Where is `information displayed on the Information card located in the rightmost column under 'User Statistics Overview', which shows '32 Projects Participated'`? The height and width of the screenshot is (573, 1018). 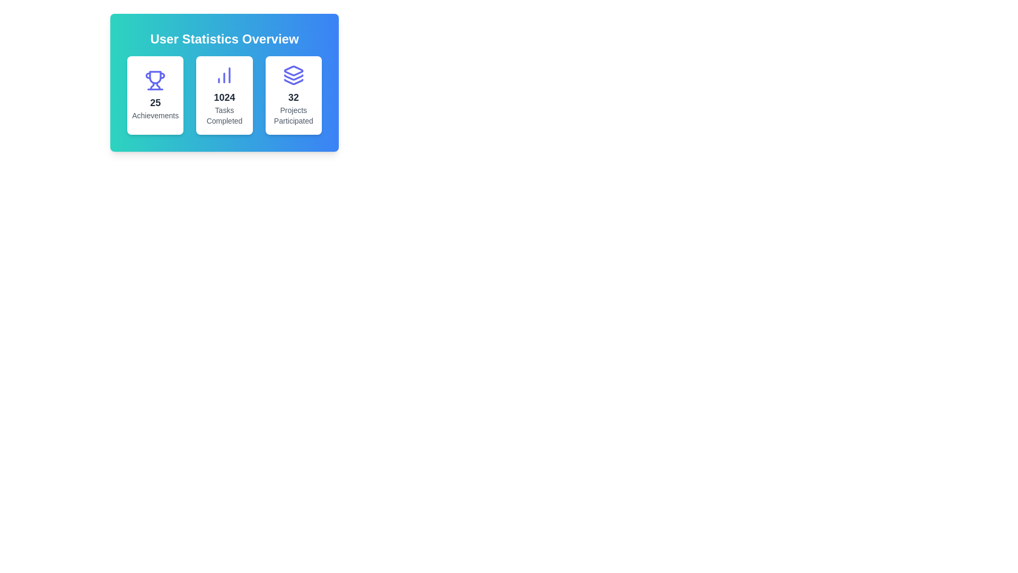 information displayed on the Information card located in the rightmost column under 'User Statistics Overview', which shows '32 Projects Participated' is located at coordinates (293, 95).